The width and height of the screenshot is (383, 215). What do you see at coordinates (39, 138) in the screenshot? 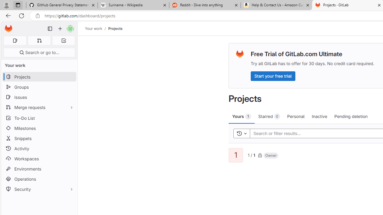
I see `'Snippets'` at bounding box center [39, 138].